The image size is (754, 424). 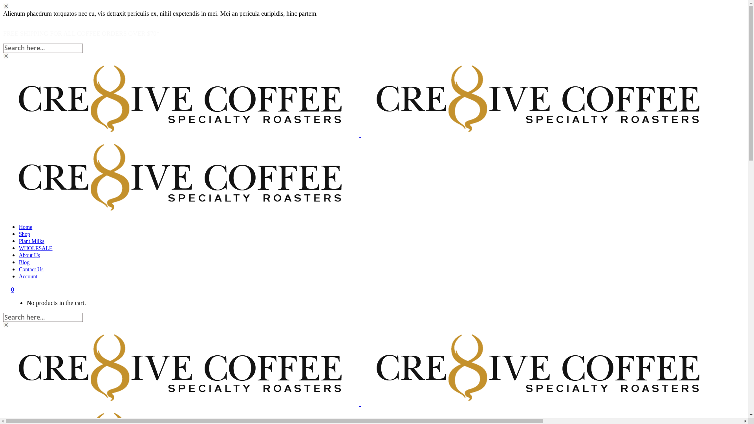 I want to click on 'Contact Us', so click(x=31, y=269).